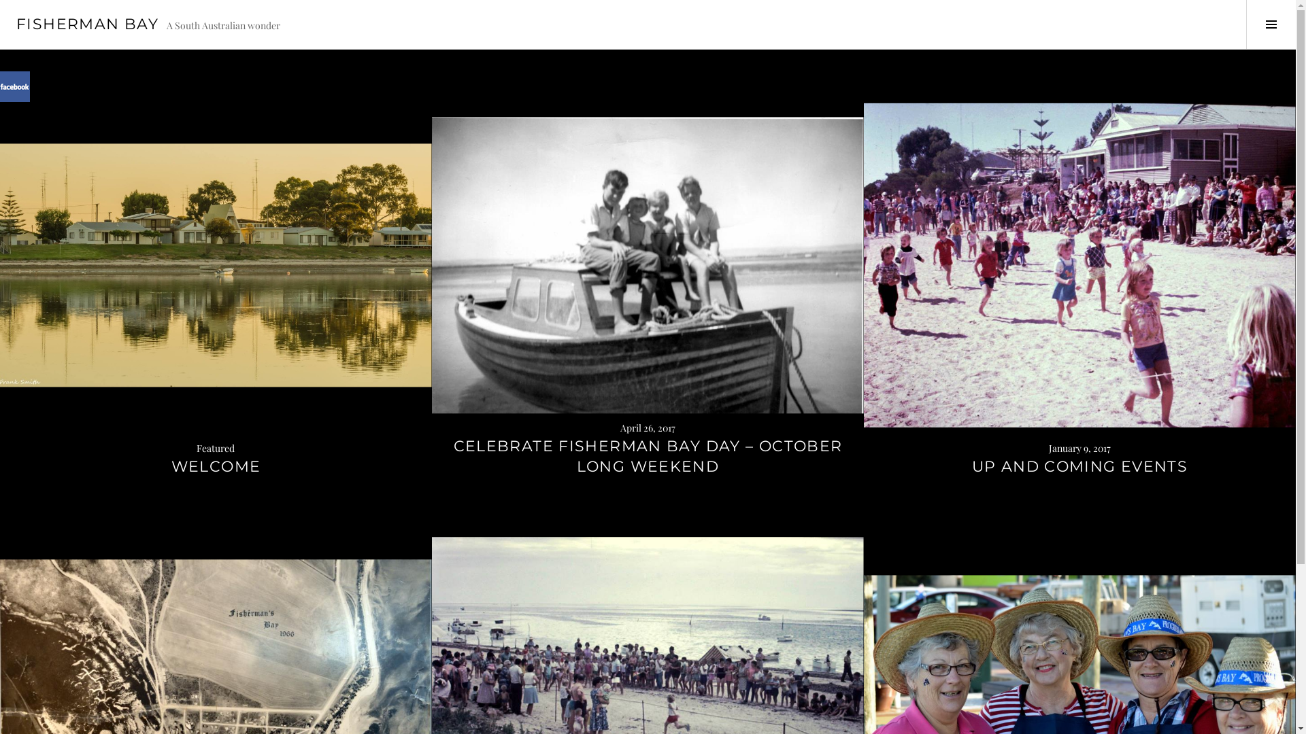 This screenshot has width=1306, height=734. What do you see at coordinates (1079, 466) in the screenshot?
I see `'UP AND COMING EVENTS'` at bounding box center [1079, 466].